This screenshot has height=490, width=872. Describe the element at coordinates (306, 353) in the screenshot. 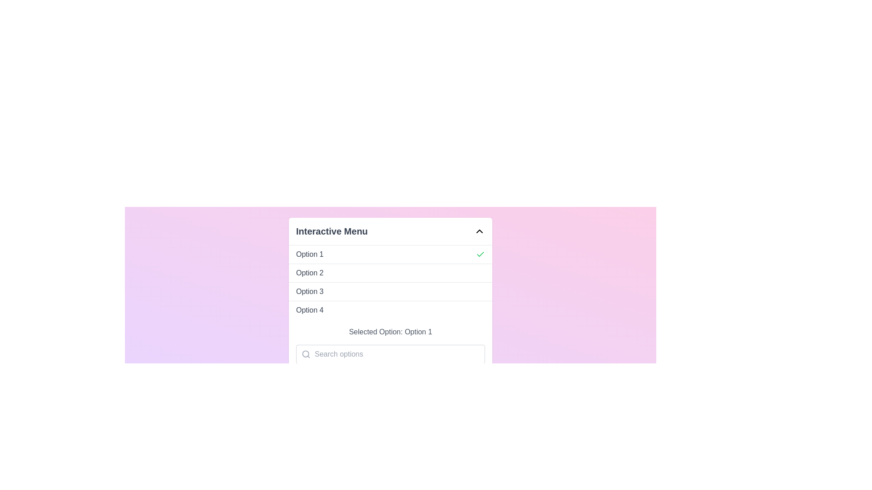

I see `the magnifying glass icon located in the left corner of the search bar to initiate the search` at that location.